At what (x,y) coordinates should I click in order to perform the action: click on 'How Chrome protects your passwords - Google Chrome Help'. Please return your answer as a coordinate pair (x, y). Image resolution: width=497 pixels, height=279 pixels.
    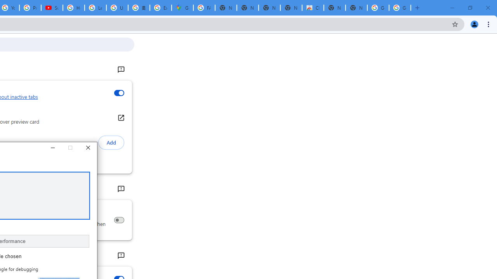
    Looking at the image, I should click on (74, 8).